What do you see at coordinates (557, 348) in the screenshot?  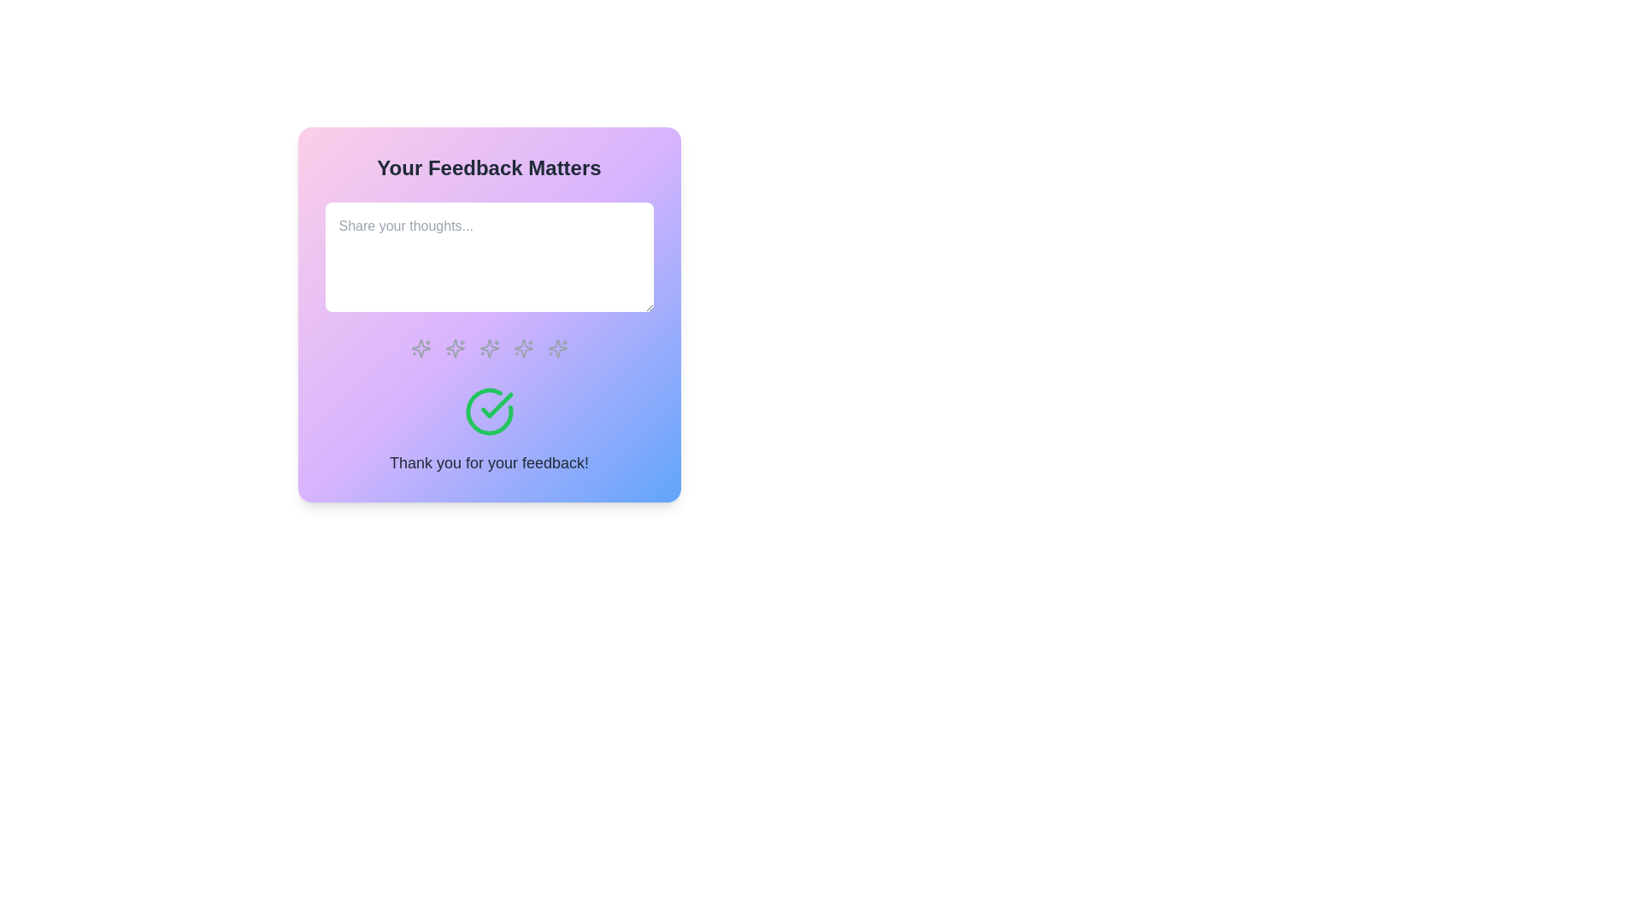 I see `the fifth star icon in the rating system located below the text input field in the feedback form` at bounding box center [557, 348].